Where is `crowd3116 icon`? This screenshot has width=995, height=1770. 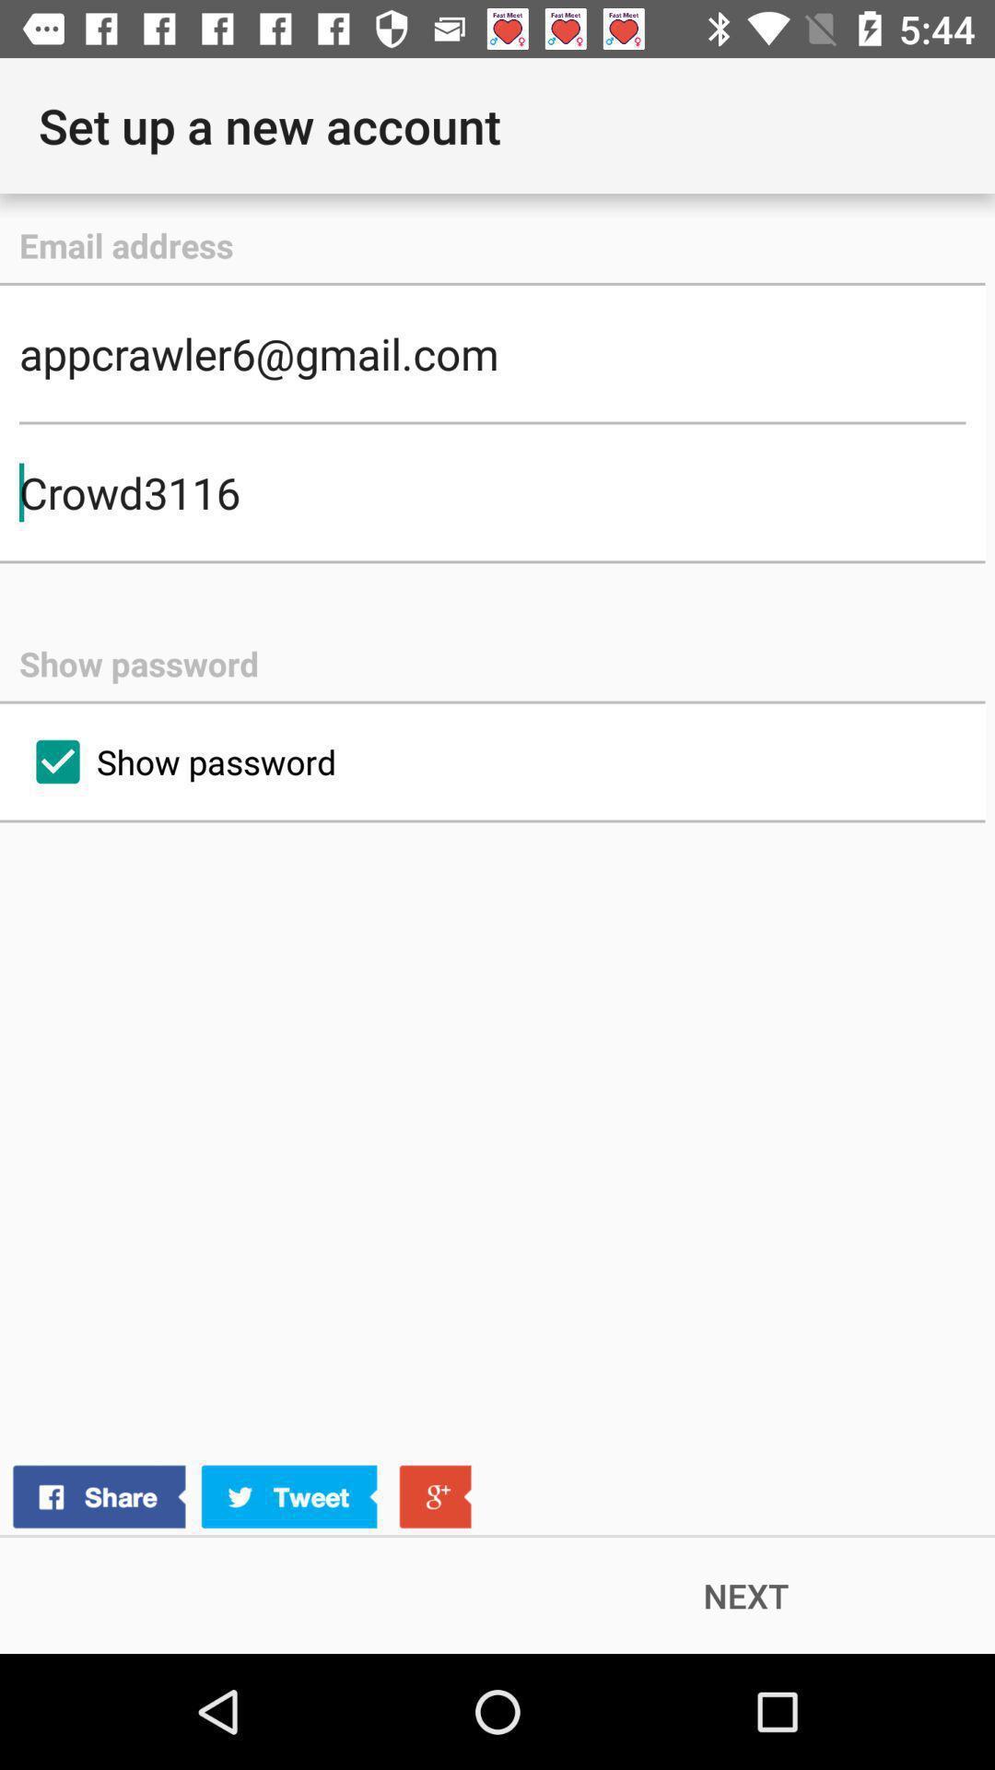 crowd3116 icon is located at coordinates (491, 492).